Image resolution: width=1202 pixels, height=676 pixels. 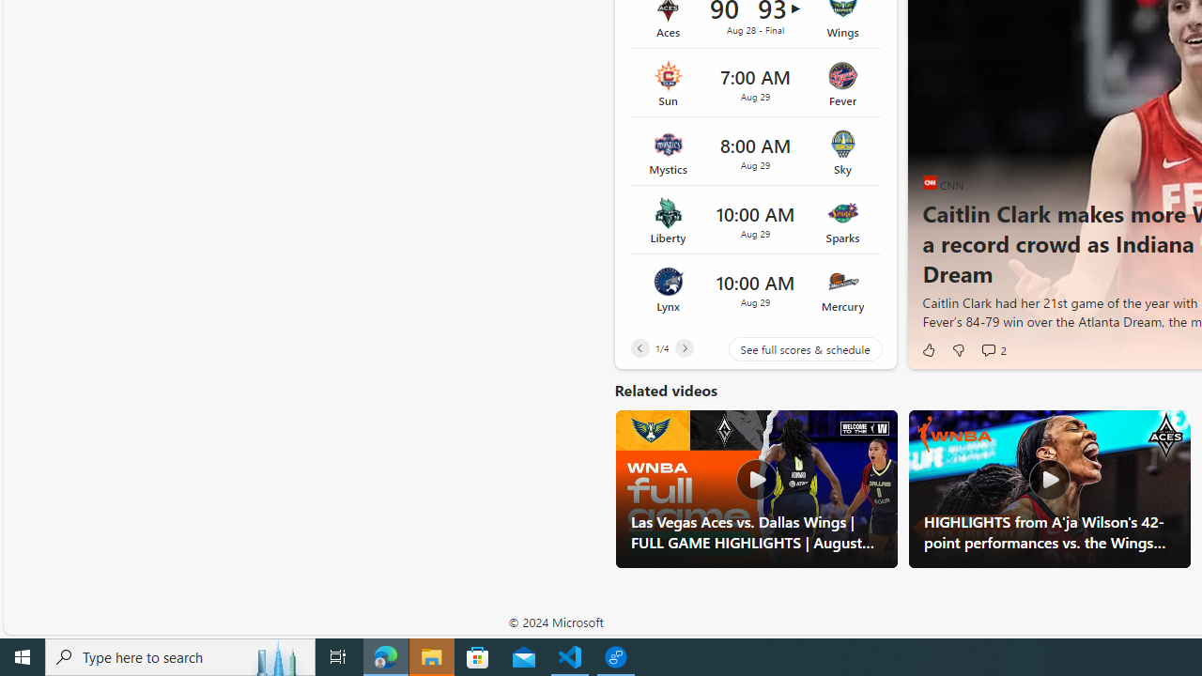 I want to click on 'See full scores & schedule', so click(x=791, y=349).